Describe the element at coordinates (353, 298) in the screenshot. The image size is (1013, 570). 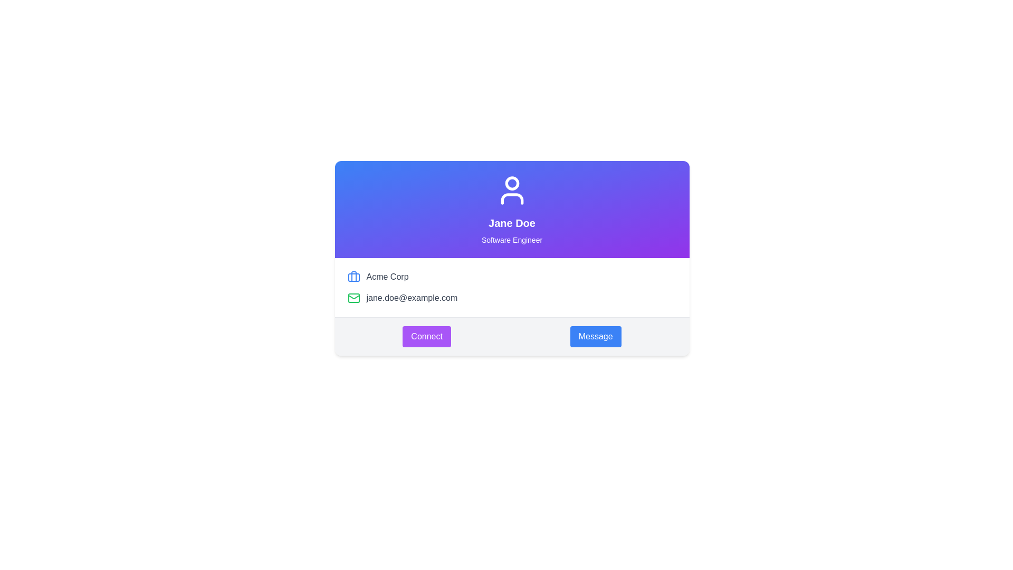
I see `the envelope icon by clicking on the rectangular shape with rounded corners that has a green outline, which is part of the envelope design` at that location.